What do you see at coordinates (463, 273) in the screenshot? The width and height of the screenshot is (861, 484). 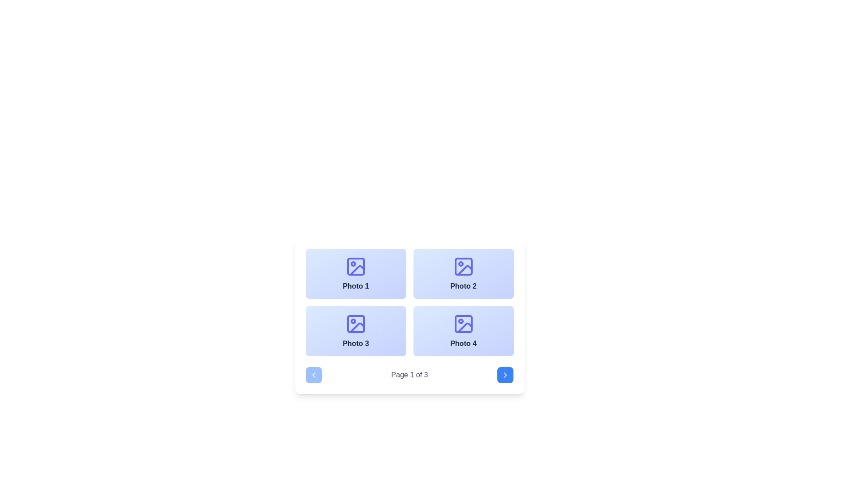 I see `the image preview card labeled 'Photo 2' from its position in the top-right corner of the grid` at bounding box center [463, 273].